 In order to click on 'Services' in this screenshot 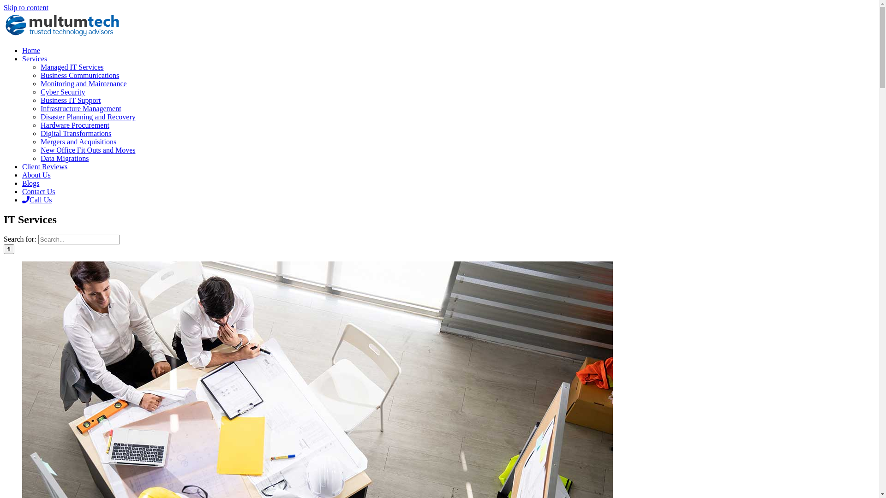, I will do `click(35, 59)`.